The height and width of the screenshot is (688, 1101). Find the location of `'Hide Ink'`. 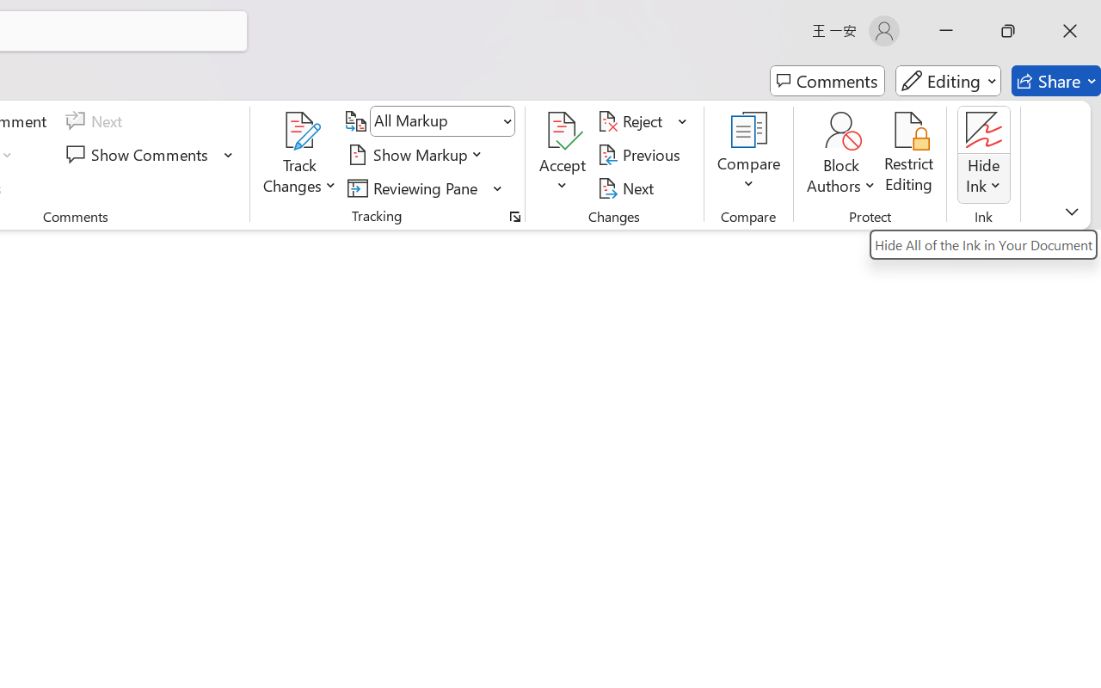

'Hide Ink' is located at coordinates (984, 154).